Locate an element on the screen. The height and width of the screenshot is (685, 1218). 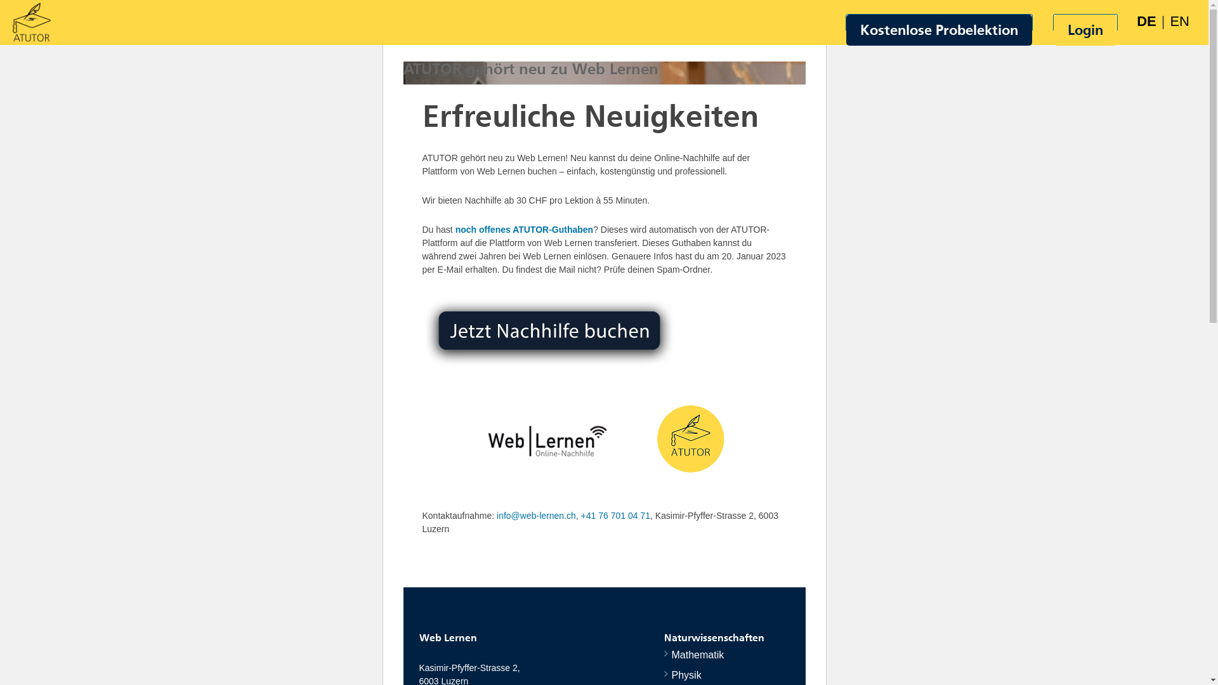
'Kostenlose Probelektion' is located at coordinates (939, 29).